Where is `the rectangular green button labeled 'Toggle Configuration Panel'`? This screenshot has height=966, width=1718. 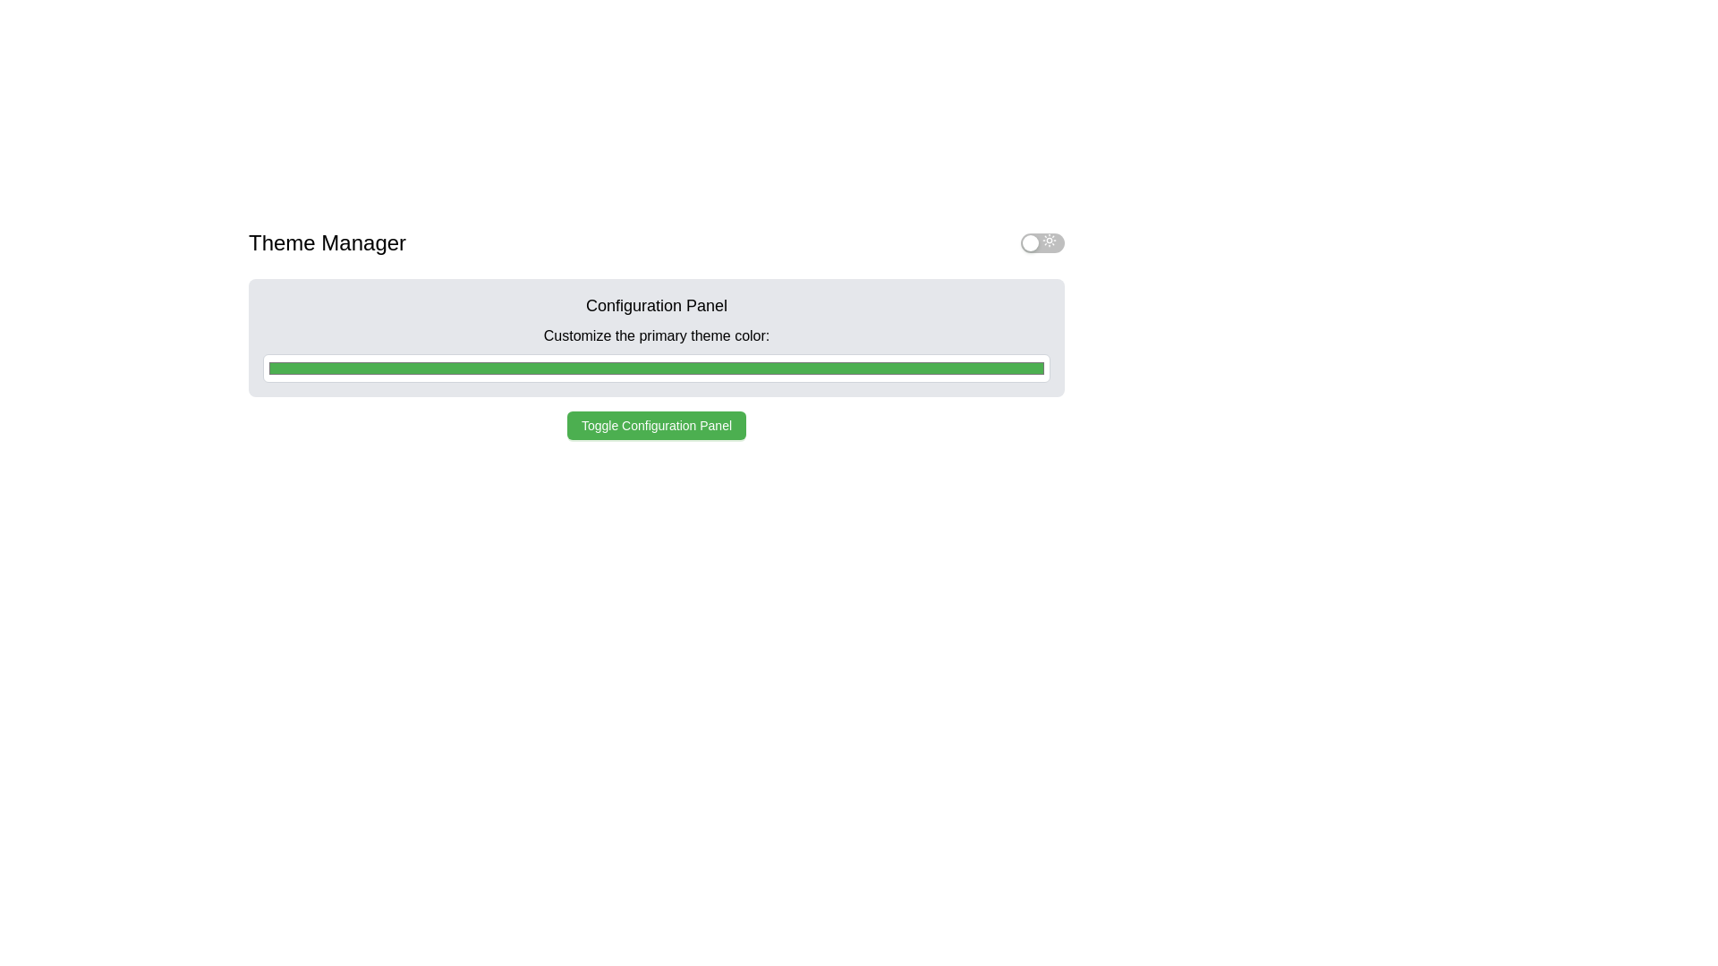 the rectangular green button labeled 'Toggle Configuration Panel' is located at coordinates (656, 425).